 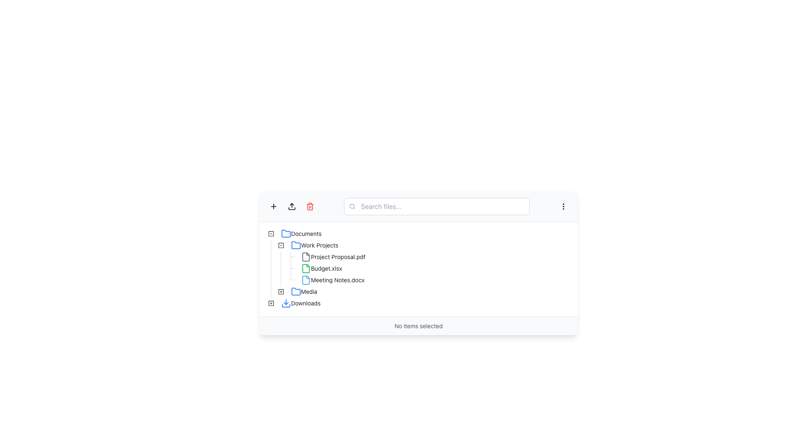 What do you see at coordinates (300, 303) in the screenshot?
I see `the 'Downloads' folder icon in the file directory tree` at bounding box center [300, 303].